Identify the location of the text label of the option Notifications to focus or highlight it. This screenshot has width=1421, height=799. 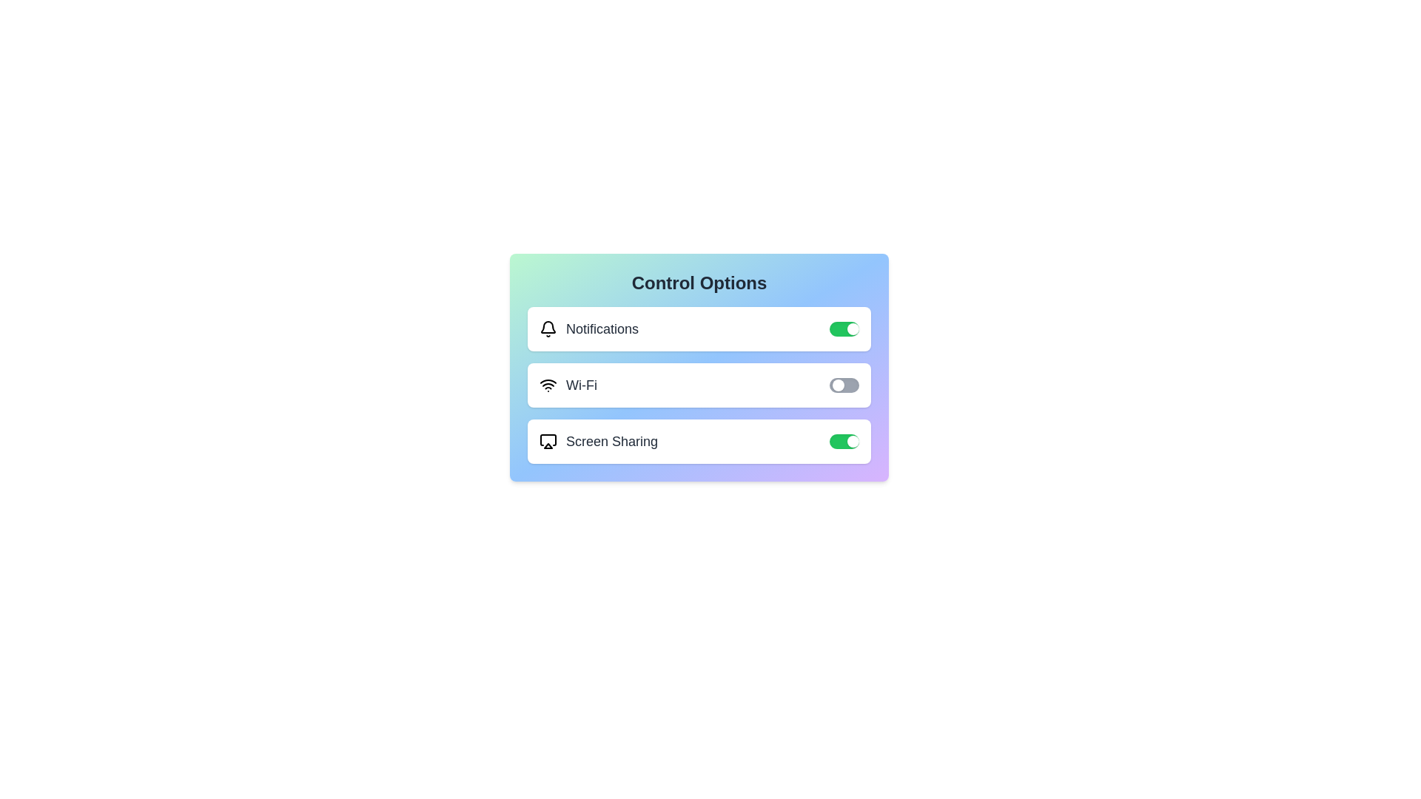
(588, 328).